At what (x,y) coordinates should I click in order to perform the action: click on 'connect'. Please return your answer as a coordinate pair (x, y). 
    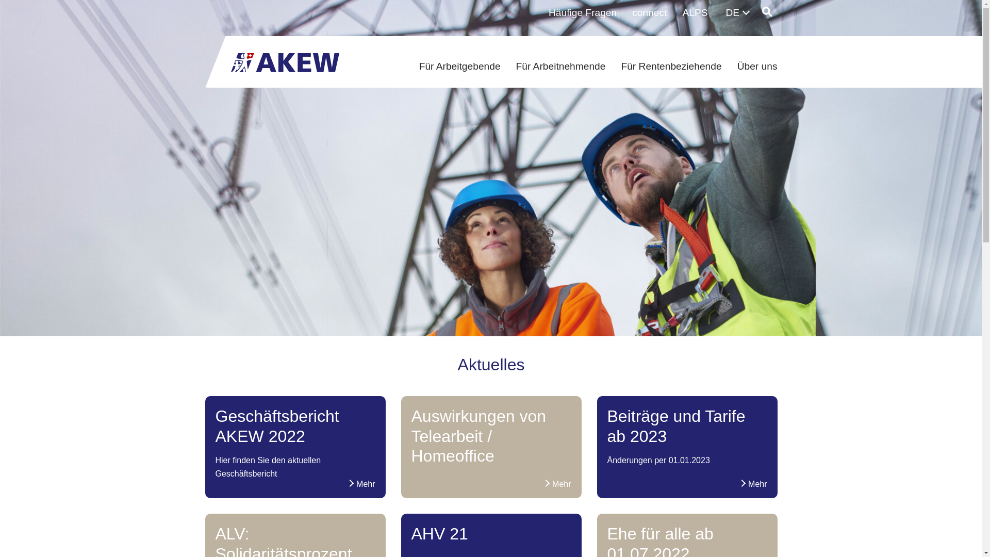
    Looking at the image, I should click on (649, 13).